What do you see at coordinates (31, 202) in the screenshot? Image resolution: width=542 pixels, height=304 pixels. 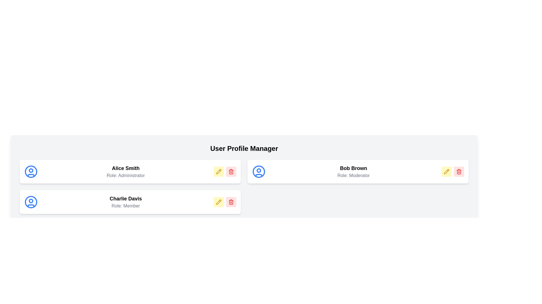 I see `the circular SVG graphical component that represents the user's profile associated with 'Charlie Davis'` at bounding box center [31, 202].